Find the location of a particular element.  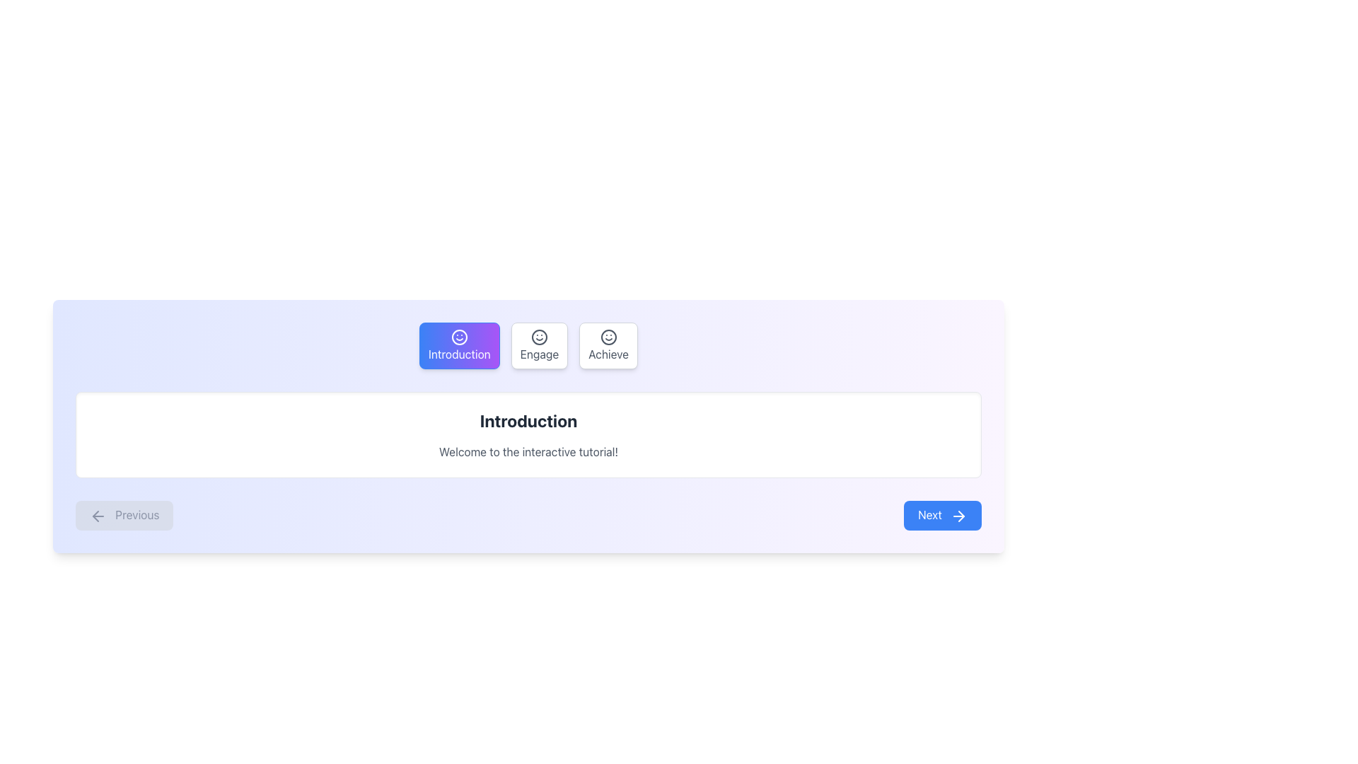

the first button in the horizontal menu, which has a gradient background from blue to purple and contains a smiling face icon above the word 'Introduction' in white text is located at coordinates (459, 346).